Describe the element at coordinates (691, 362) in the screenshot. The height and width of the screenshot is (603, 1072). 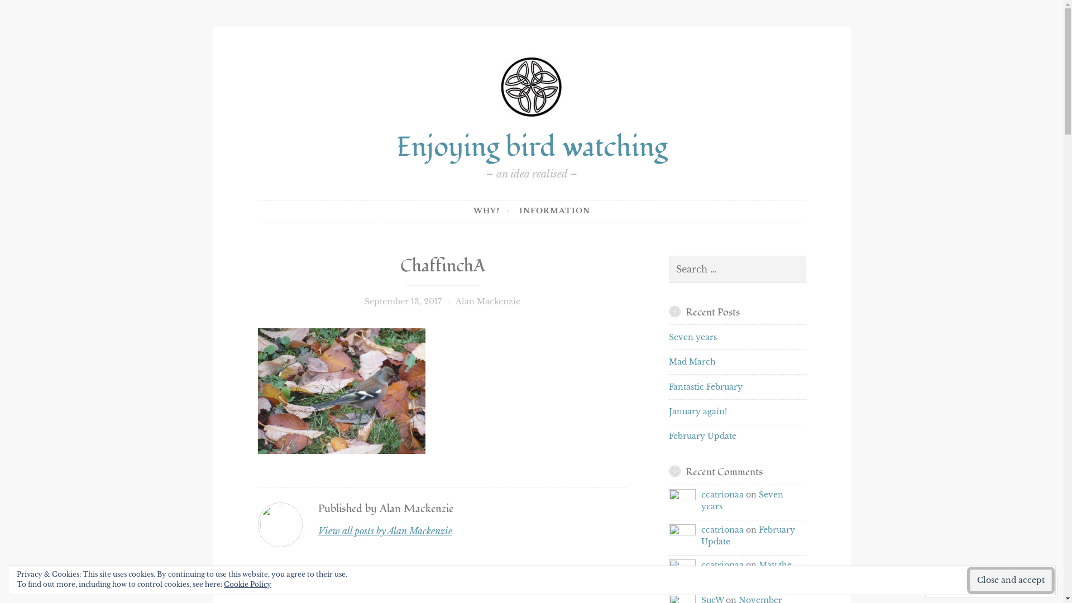
I see `'Mad March'` at that location.